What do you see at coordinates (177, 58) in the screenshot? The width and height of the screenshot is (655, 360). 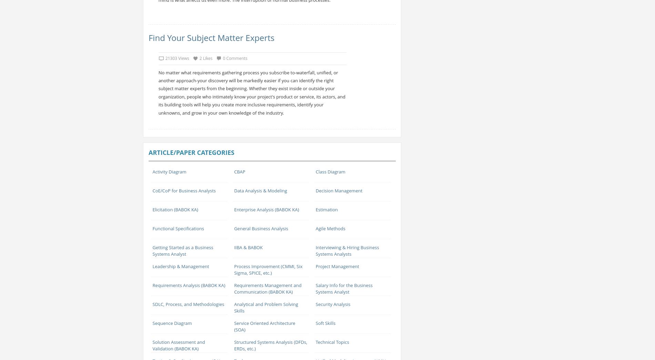 I see `'21303 Views'` at bounding box center [177, 58].